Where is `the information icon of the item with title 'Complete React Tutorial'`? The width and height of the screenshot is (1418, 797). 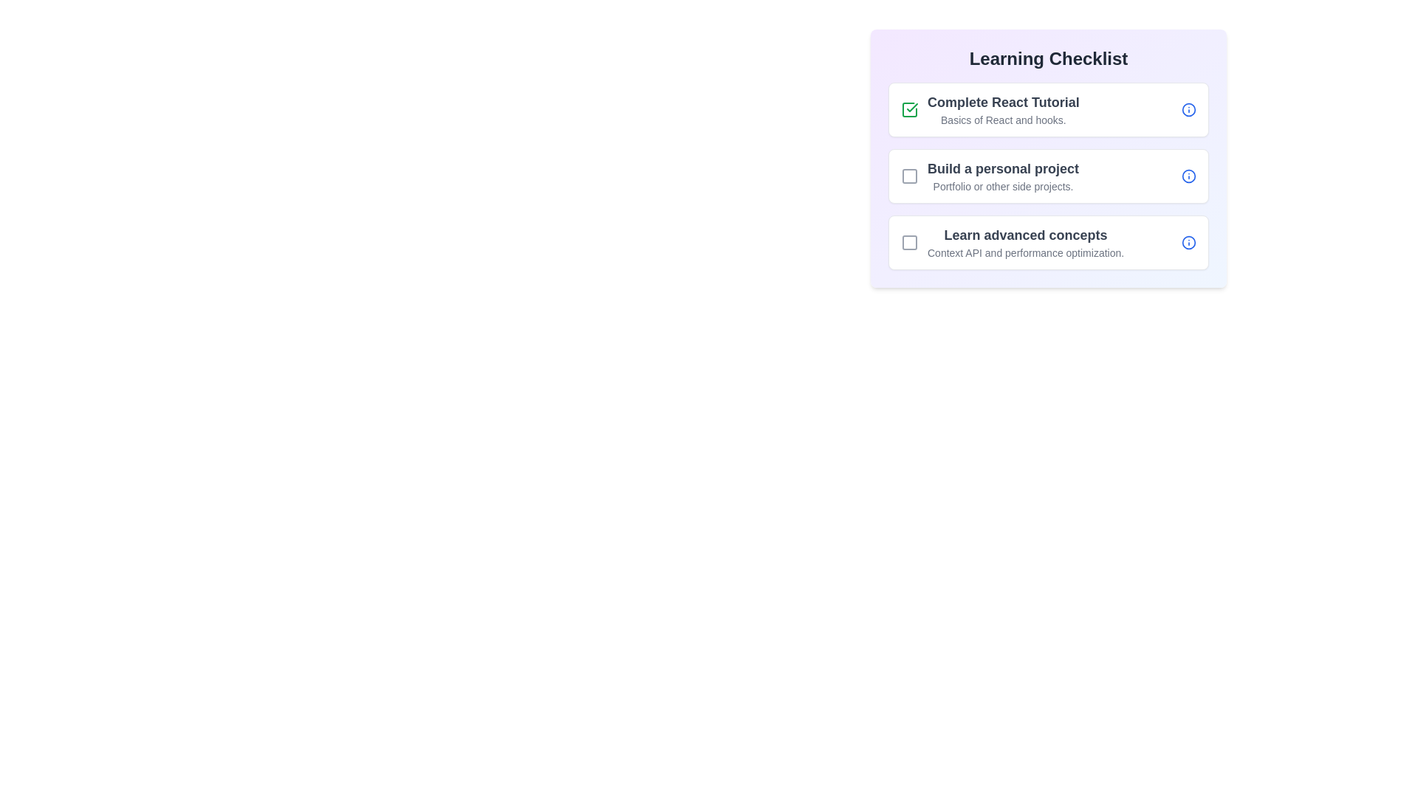 the information icon of the item with title 'Complete React Tutorial' is located at coordinates (1188, 109).